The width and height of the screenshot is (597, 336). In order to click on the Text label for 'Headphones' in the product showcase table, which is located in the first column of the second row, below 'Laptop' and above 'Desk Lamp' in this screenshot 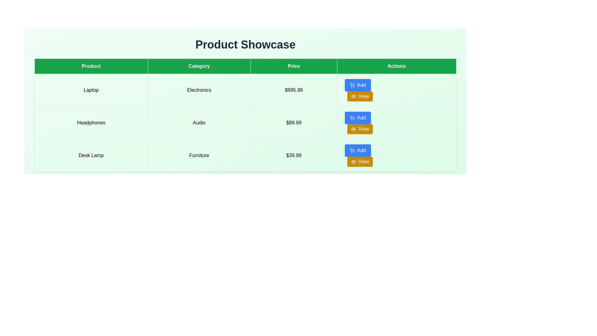, I will do `click(91, 123)`.